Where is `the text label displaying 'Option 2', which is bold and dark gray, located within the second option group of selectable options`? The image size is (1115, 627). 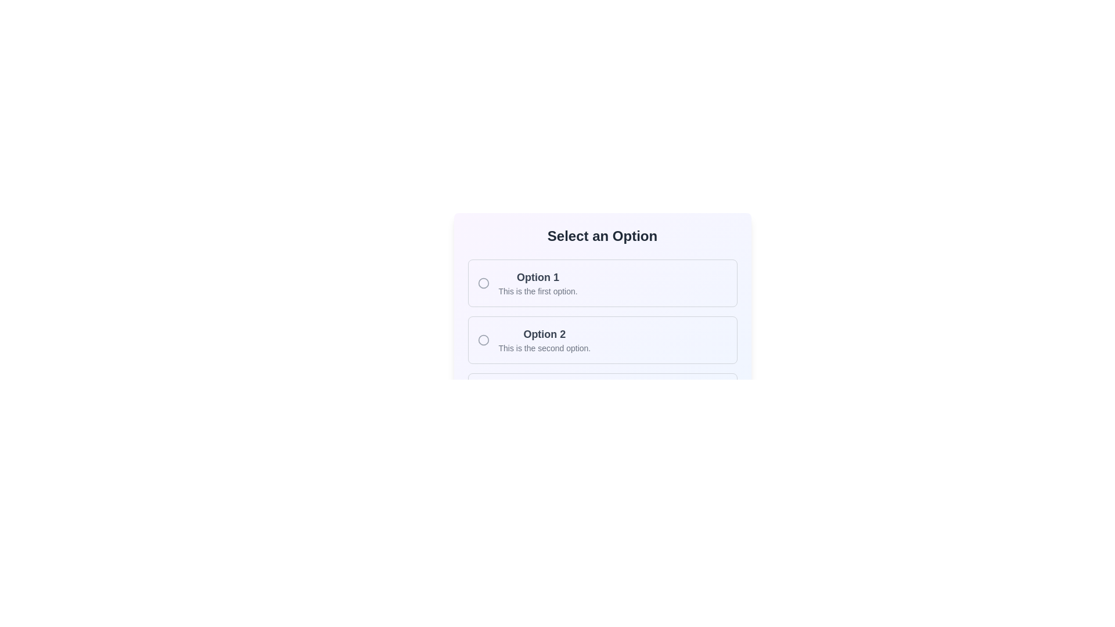 the text label displaying 'Option 2', which is bold and dark gray, located within the second option group of selectable options is located at coordinates (544, 334).